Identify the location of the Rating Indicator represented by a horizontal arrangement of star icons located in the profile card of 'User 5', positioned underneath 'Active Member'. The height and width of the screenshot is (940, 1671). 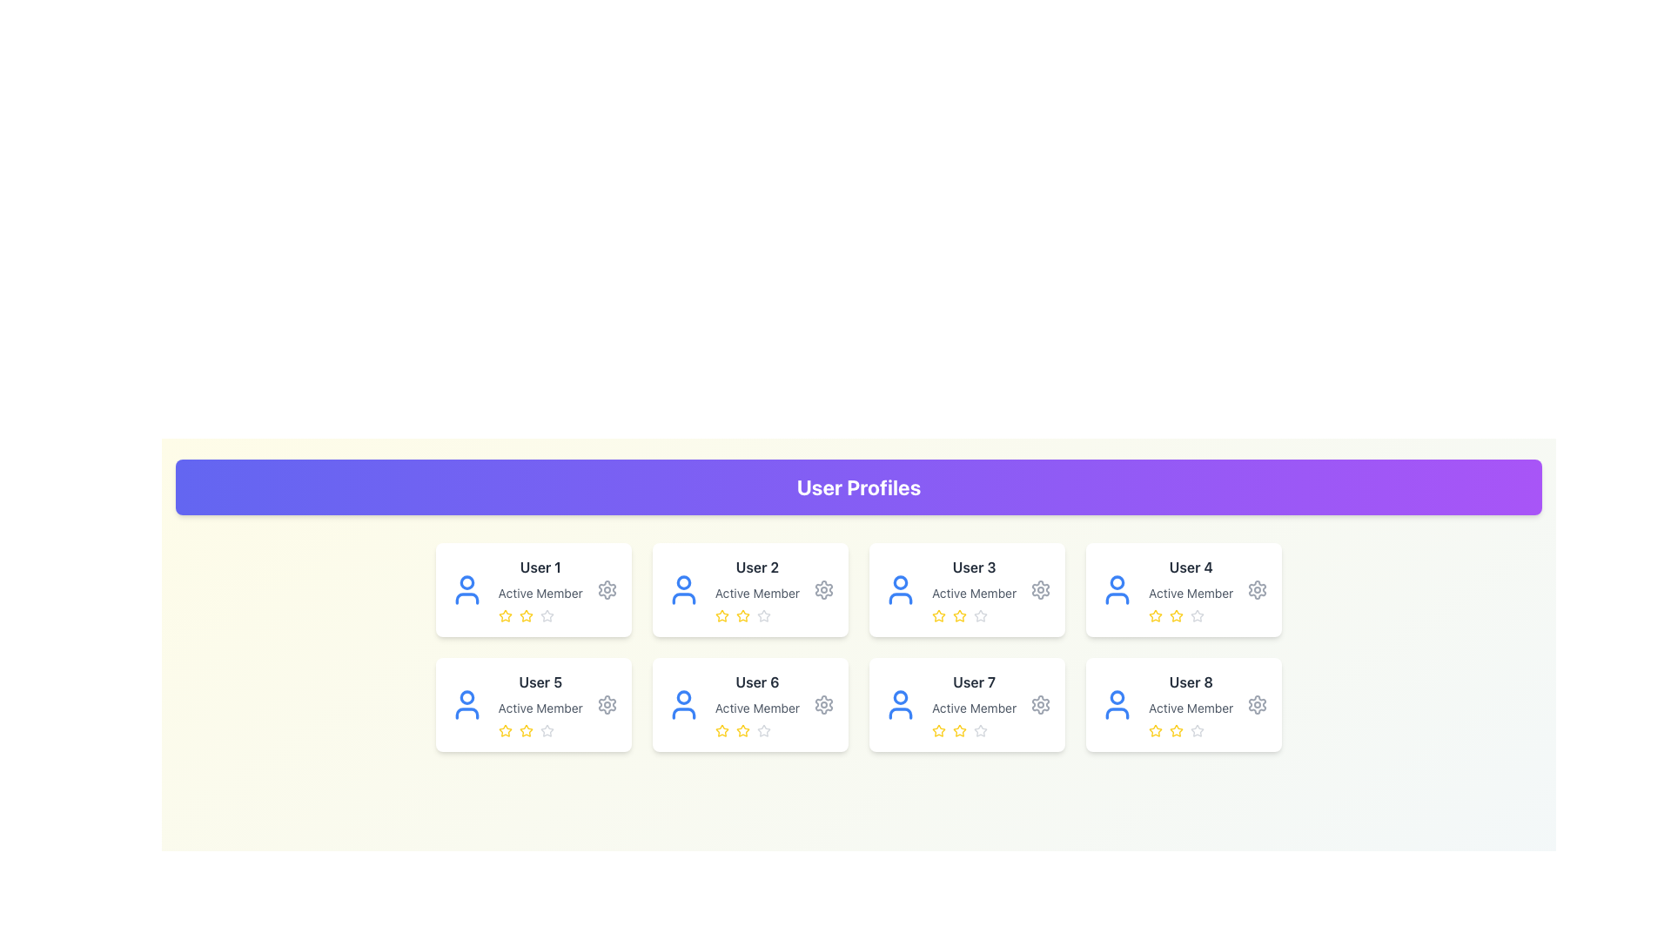
(540, 731).